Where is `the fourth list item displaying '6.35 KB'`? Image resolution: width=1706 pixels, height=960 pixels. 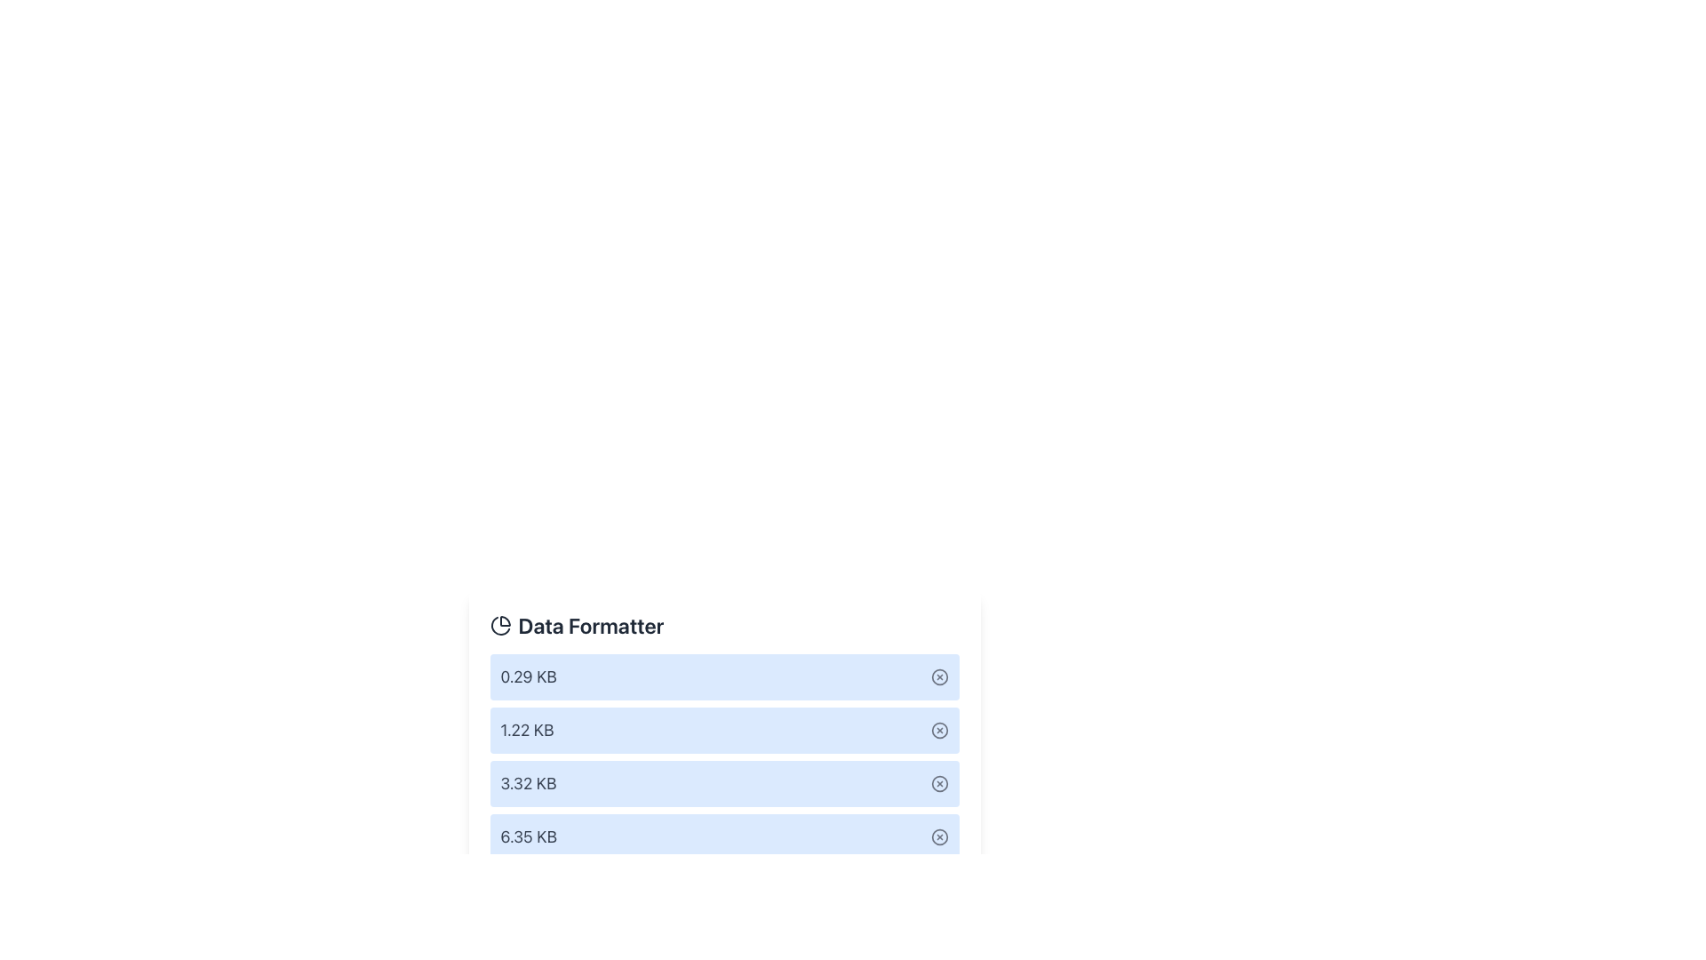
the fourth list item displaying '6.35 KB' is located at coordinates (724, 836).